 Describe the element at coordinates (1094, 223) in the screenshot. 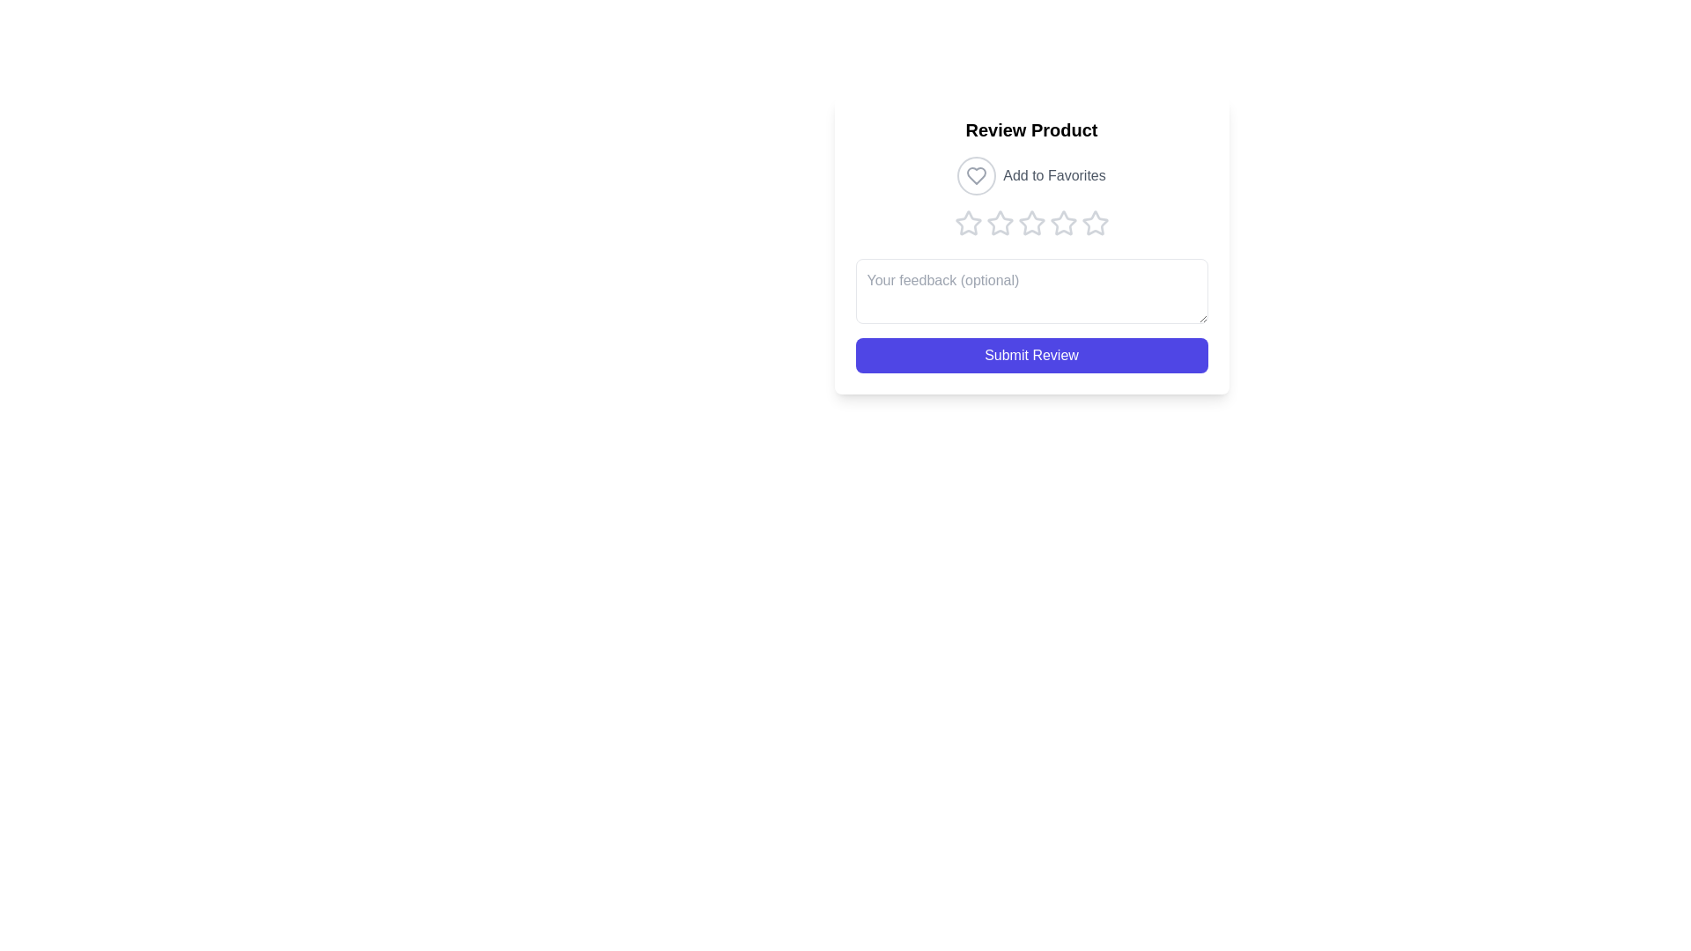

I see `the fifth interactive rating star icon to assign a rating for the product` at that location.